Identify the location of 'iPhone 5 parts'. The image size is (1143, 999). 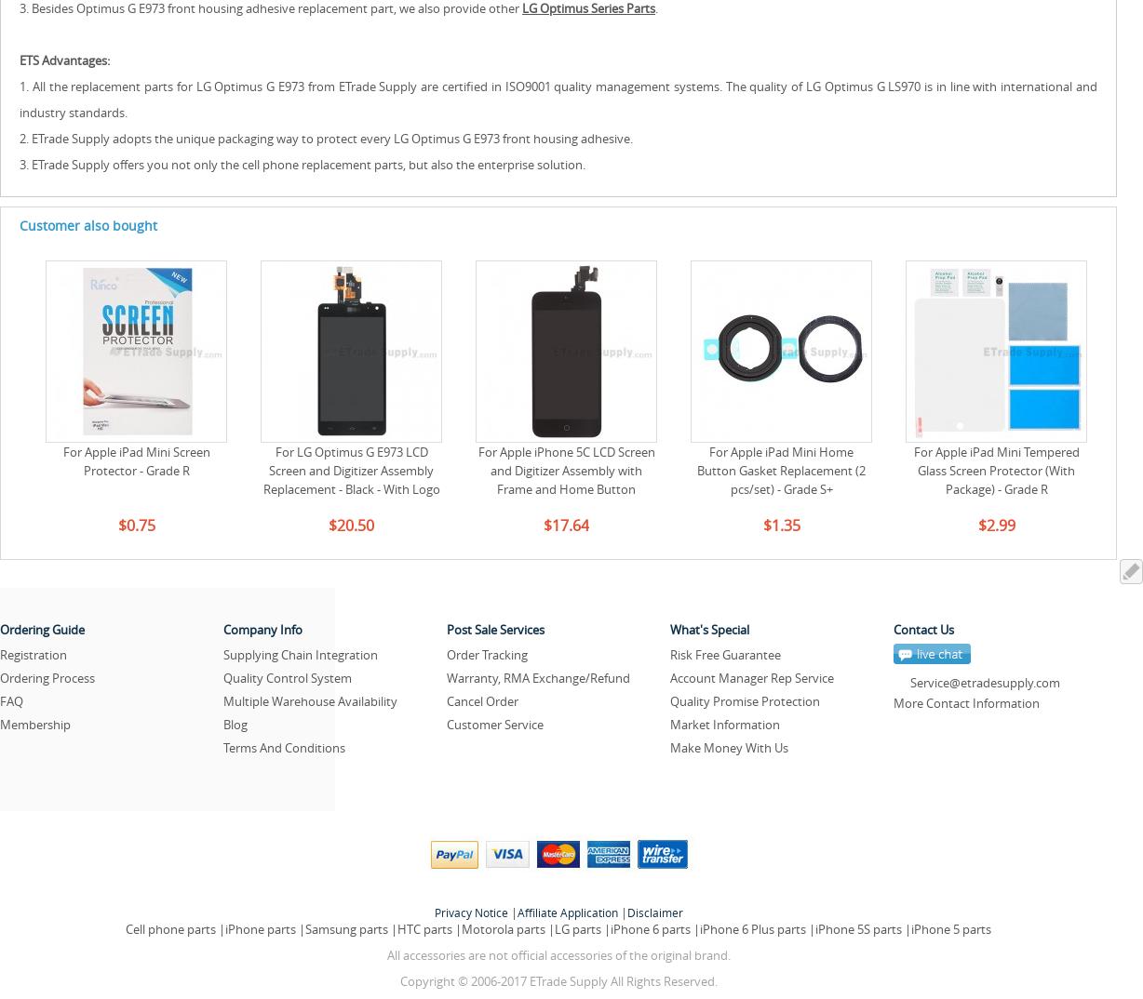
(950, 928).